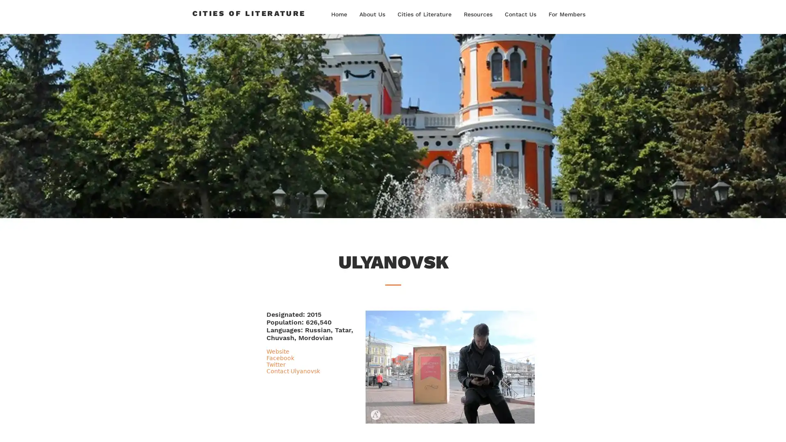 The image size is (786, 442). Describe the element at coordinates (749, 427) in the screenshot. I see `Accept` at that location.